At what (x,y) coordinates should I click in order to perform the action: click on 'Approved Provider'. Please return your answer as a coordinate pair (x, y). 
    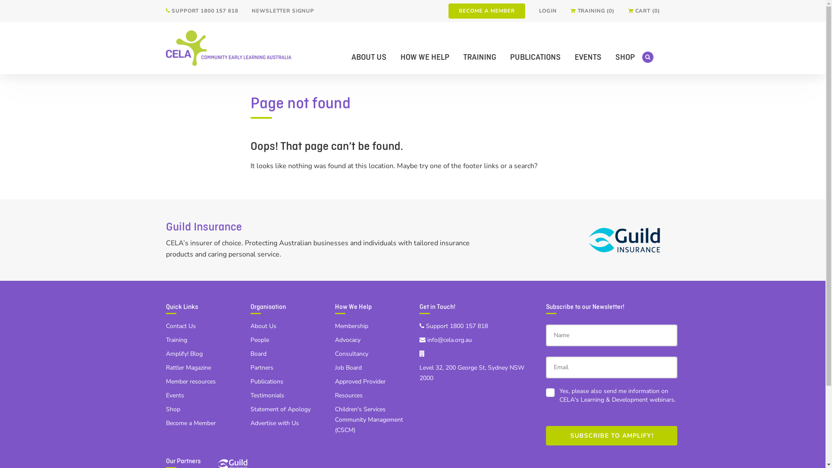
    Looking at the image, I should click on (360, 381).